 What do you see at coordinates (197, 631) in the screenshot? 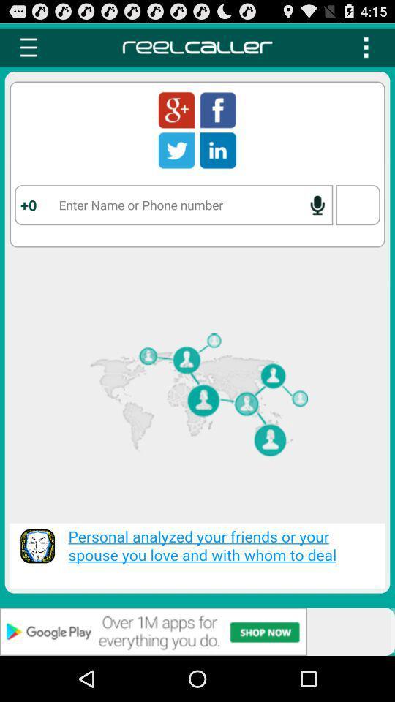
I see `google play advertisement` at bounding box center [197, 631].